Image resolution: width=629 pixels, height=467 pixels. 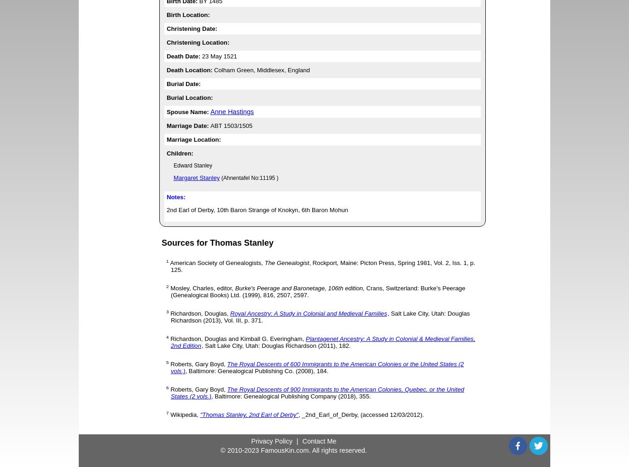 What do you see at coordinates (167, 286) in the screenshot?
I see `'2'` at bounding box center [167, 286].